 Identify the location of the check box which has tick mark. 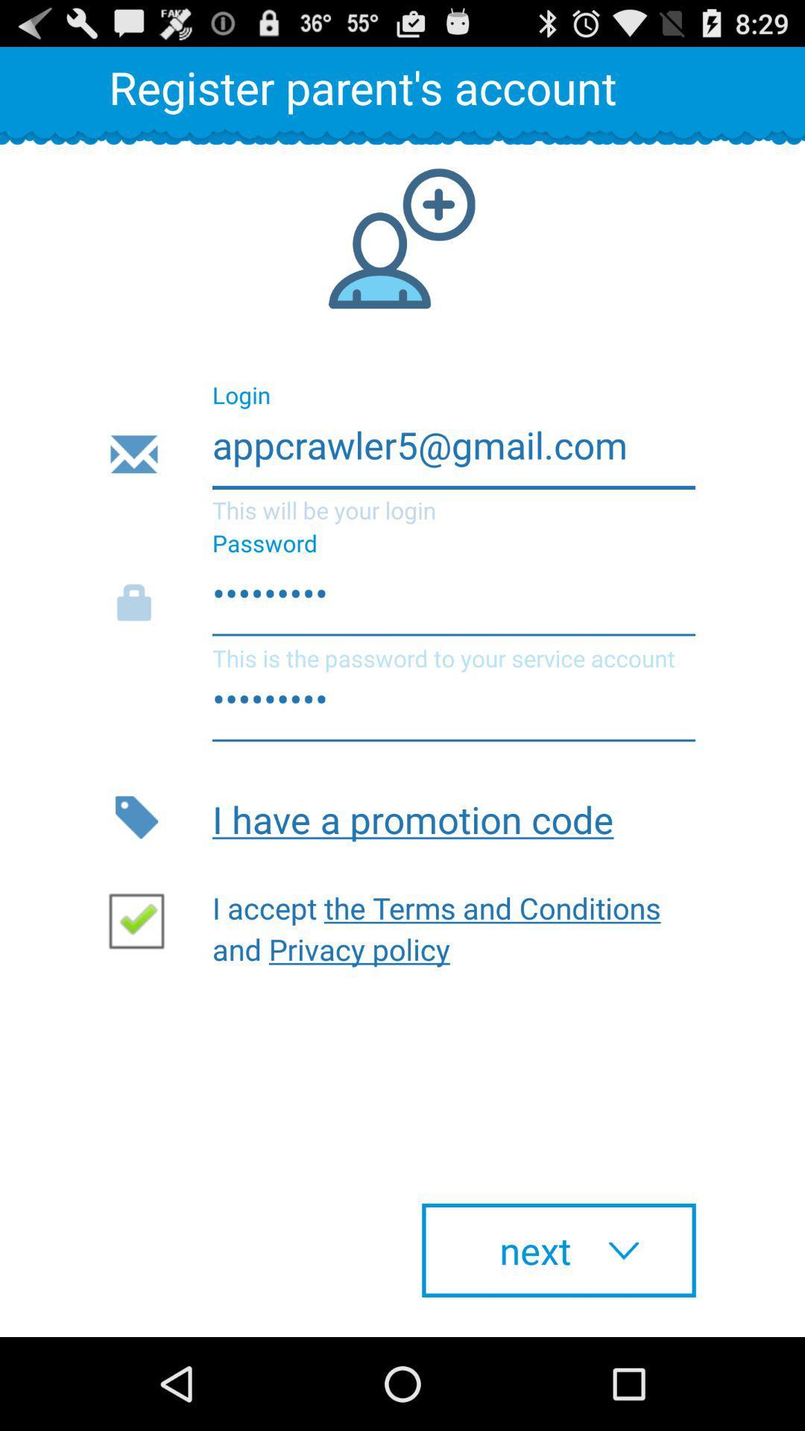
(143, 919).